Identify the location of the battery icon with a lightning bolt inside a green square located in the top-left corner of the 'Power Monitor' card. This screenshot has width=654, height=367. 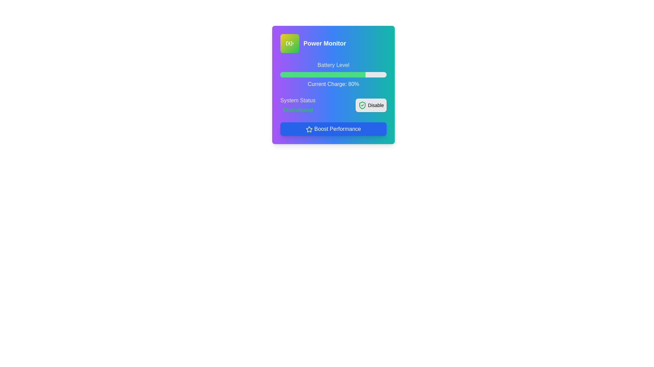
(290, 43).